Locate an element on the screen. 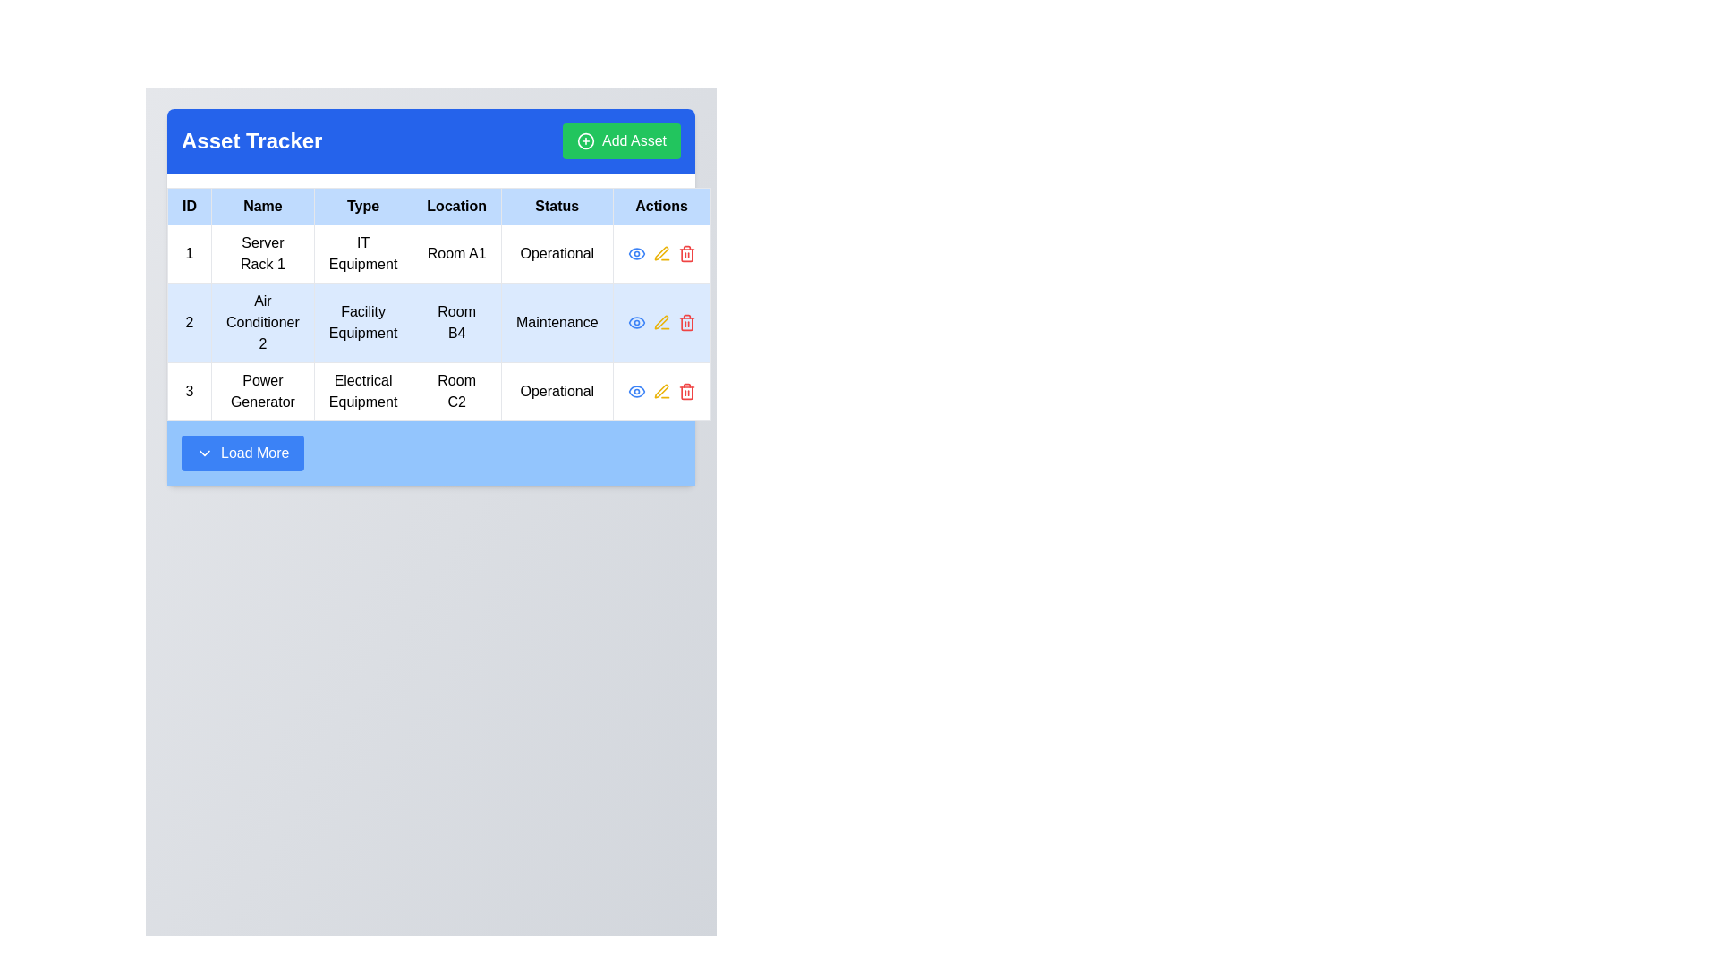 Image resolution: width=1718 pixels, height=966 pixels. the pencil (edit) icon in the action buttons set for 'Air Conditioner 2' in the 'Actions' column of the second row is located at coordinates (660, 323).